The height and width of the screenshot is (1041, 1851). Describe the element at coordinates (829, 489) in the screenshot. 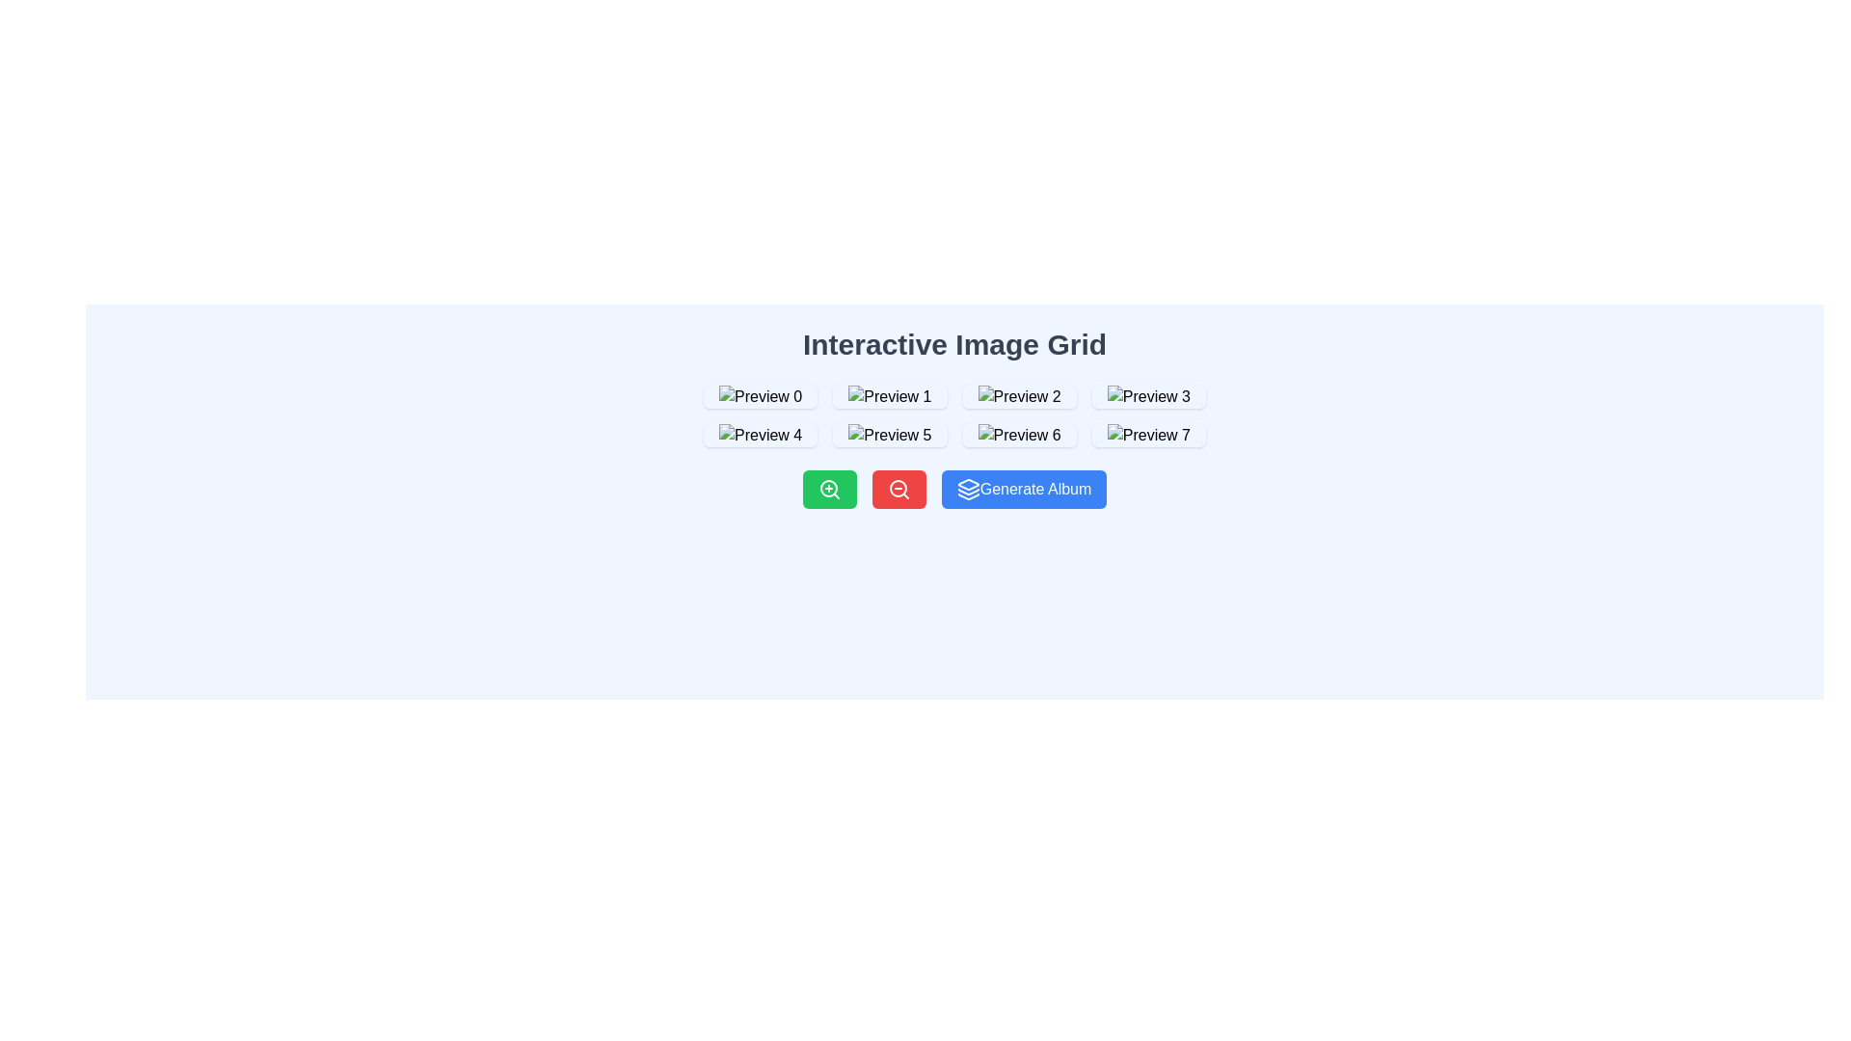

I see `the green circular zoom-in button with a white magnifying glass icon and '+' symbol, located below the grid of image previews, to zoom in` at that location.